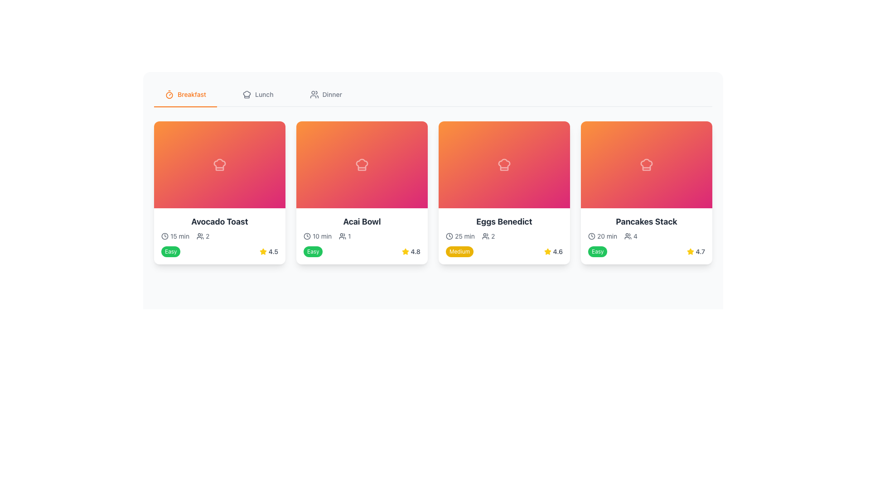 The image size is (870, 489). What do you see at coordinates (598, 251) in the screenshot?
I see `the small label displaying 'Easy' in white font on a green background, located in the bottom-left section of the 'Pancakes Stack' card` at bounding box center [598, 251].